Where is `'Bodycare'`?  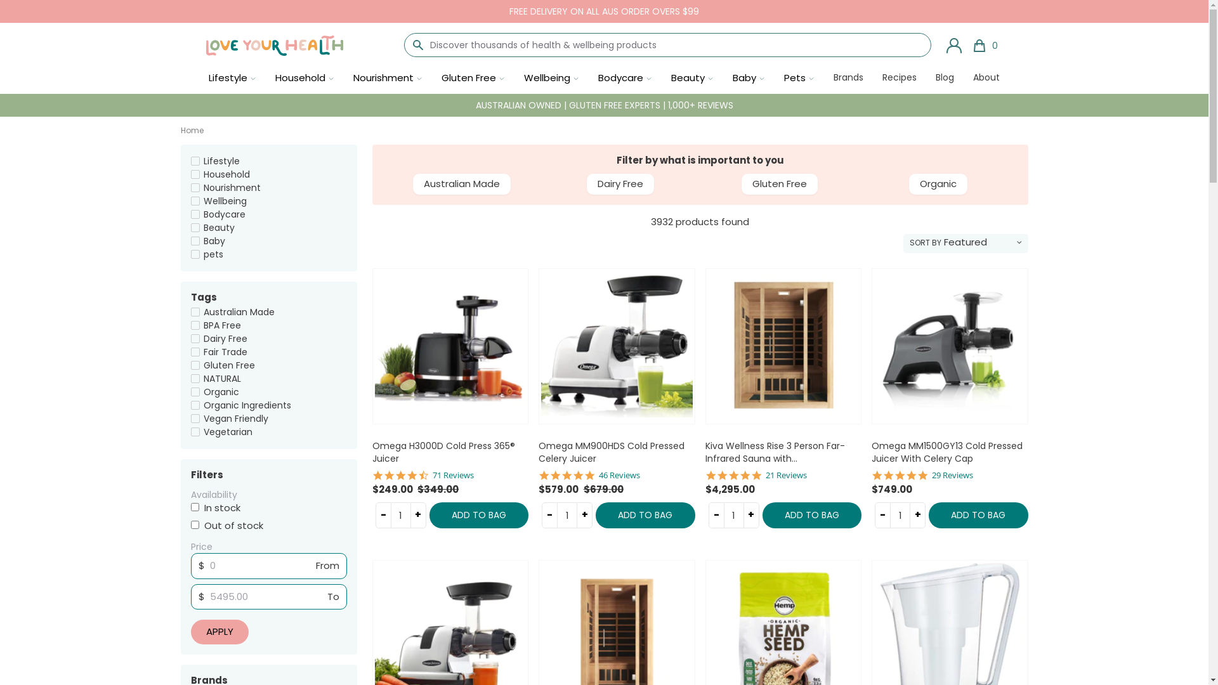
'Bodycare' is located at coordinates (595, 78).